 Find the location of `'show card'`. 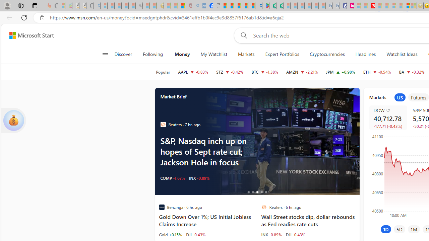

'show card' is located at coordinates (13, 120).